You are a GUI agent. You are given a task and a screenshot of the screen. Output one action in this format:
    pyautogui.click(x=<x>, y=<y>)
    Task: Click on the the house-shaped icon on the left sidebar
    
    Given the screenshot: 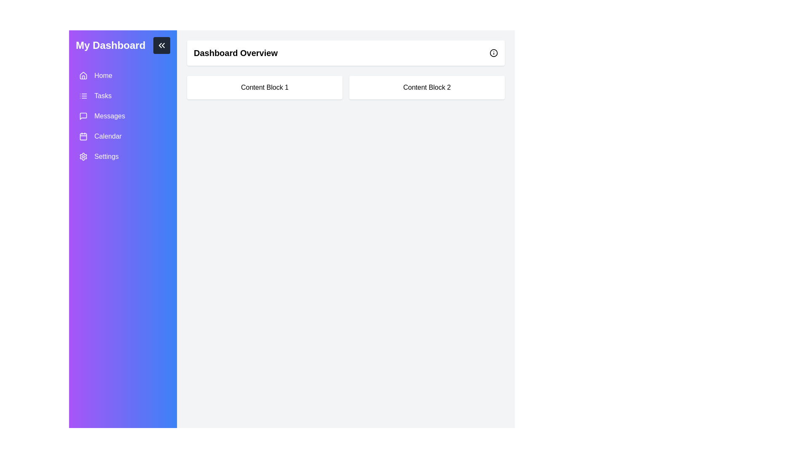 What is the action you would take?
    pyautogui.click(x=83, y=76)
    